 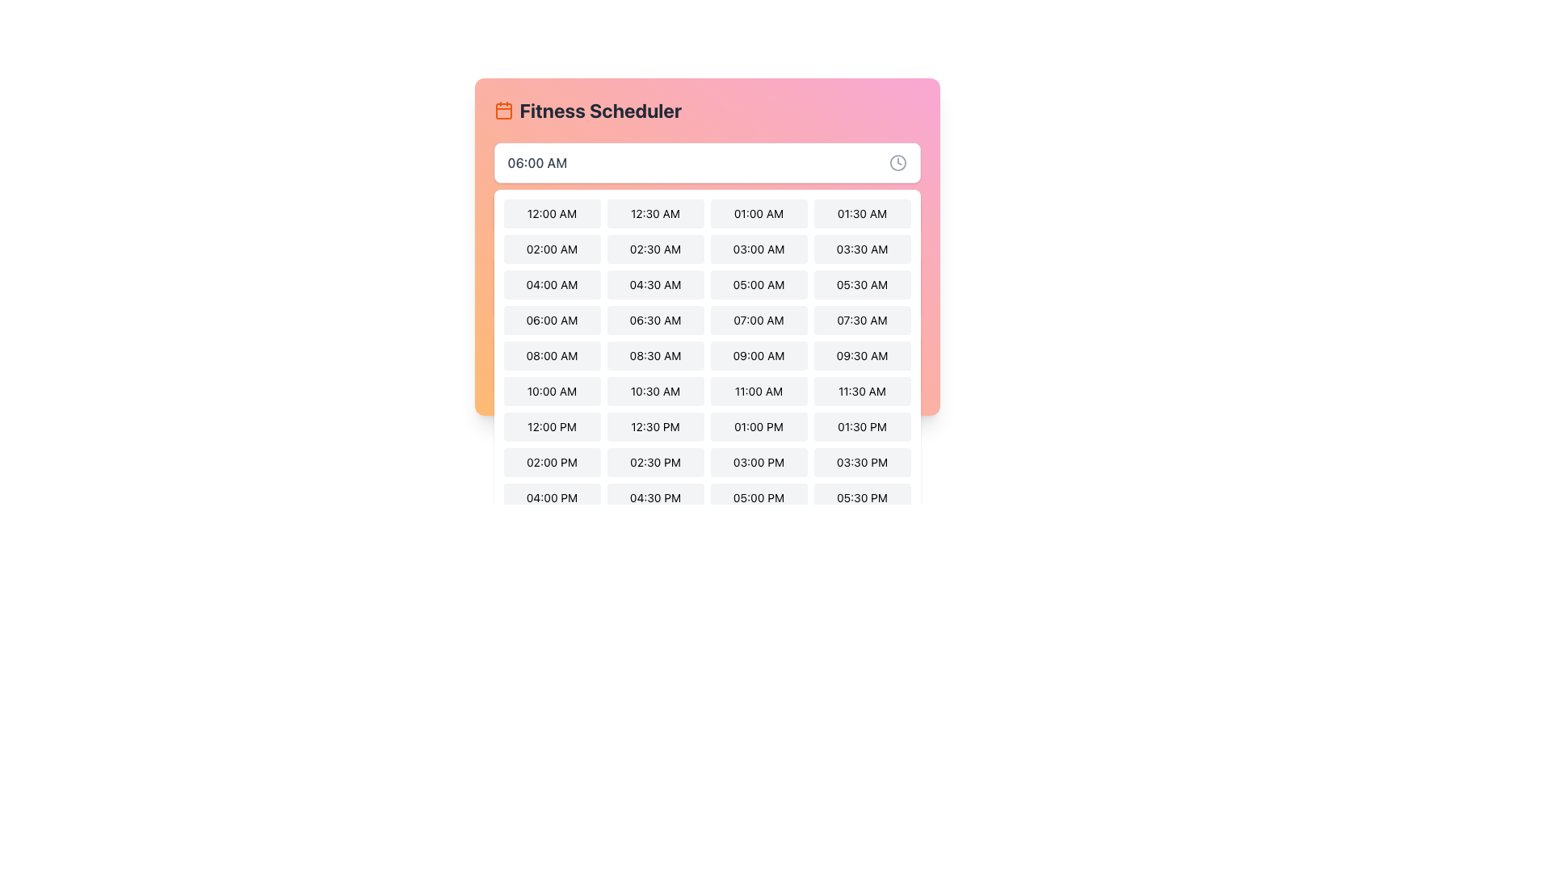 What do you see at coordinates (502, 111) in the screenshot?
I see `the Decorative Icon Component located within the calendar icon in the header of the application preceding the 'Fitness Scheduler' title` at bounding box center [502, 111].